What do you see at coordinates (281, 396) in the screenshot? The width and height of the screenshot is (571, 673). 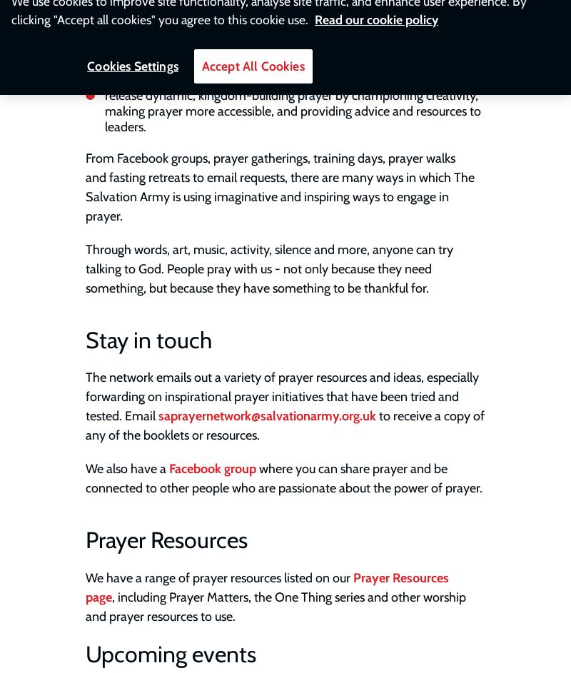 I see `'The network emails out a variety of prayer resources and ideas, especially forwarding on inspirational prayer initiatives that have been tried and tested. Email'` at bounding box center [281, 396].